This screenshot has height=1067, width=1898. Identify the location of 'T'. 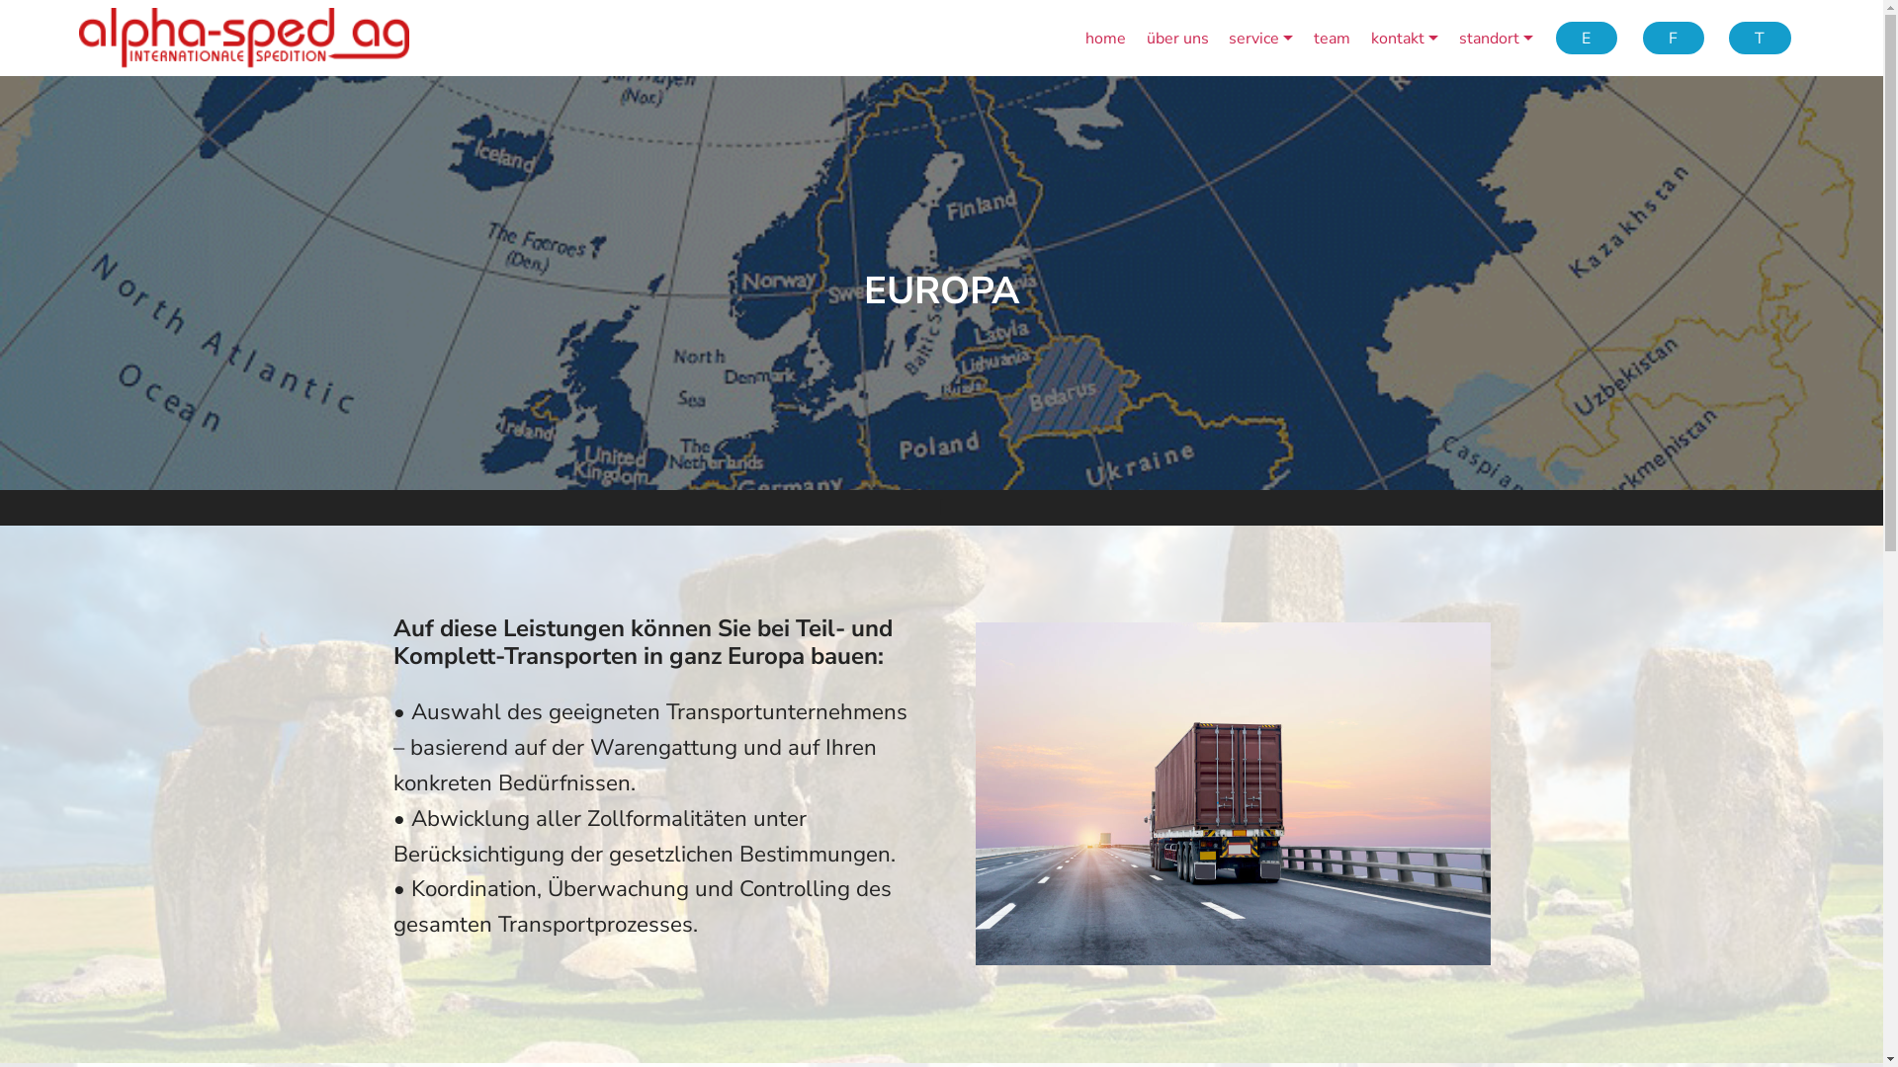
(1760, 38).